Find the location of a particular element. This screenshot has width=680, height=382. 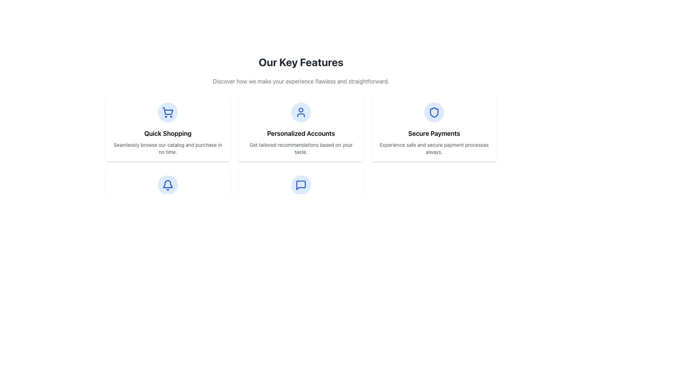

the 'Quick Shopping' Feature Card is located at coordinates (168, 129).